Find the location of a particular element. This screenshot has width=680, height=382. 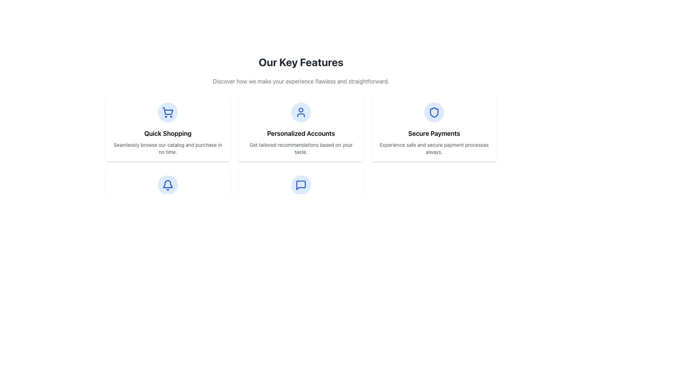

the 'Quick Shopping' Feature Card is located at coordinates (168, 129).